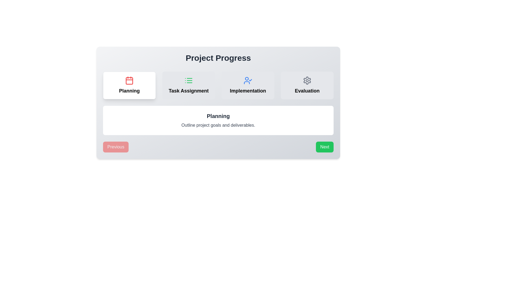  I want to click on to select or activate the 'Planning' section represented by the first card in the project timeline workflow, so click(129, 85).